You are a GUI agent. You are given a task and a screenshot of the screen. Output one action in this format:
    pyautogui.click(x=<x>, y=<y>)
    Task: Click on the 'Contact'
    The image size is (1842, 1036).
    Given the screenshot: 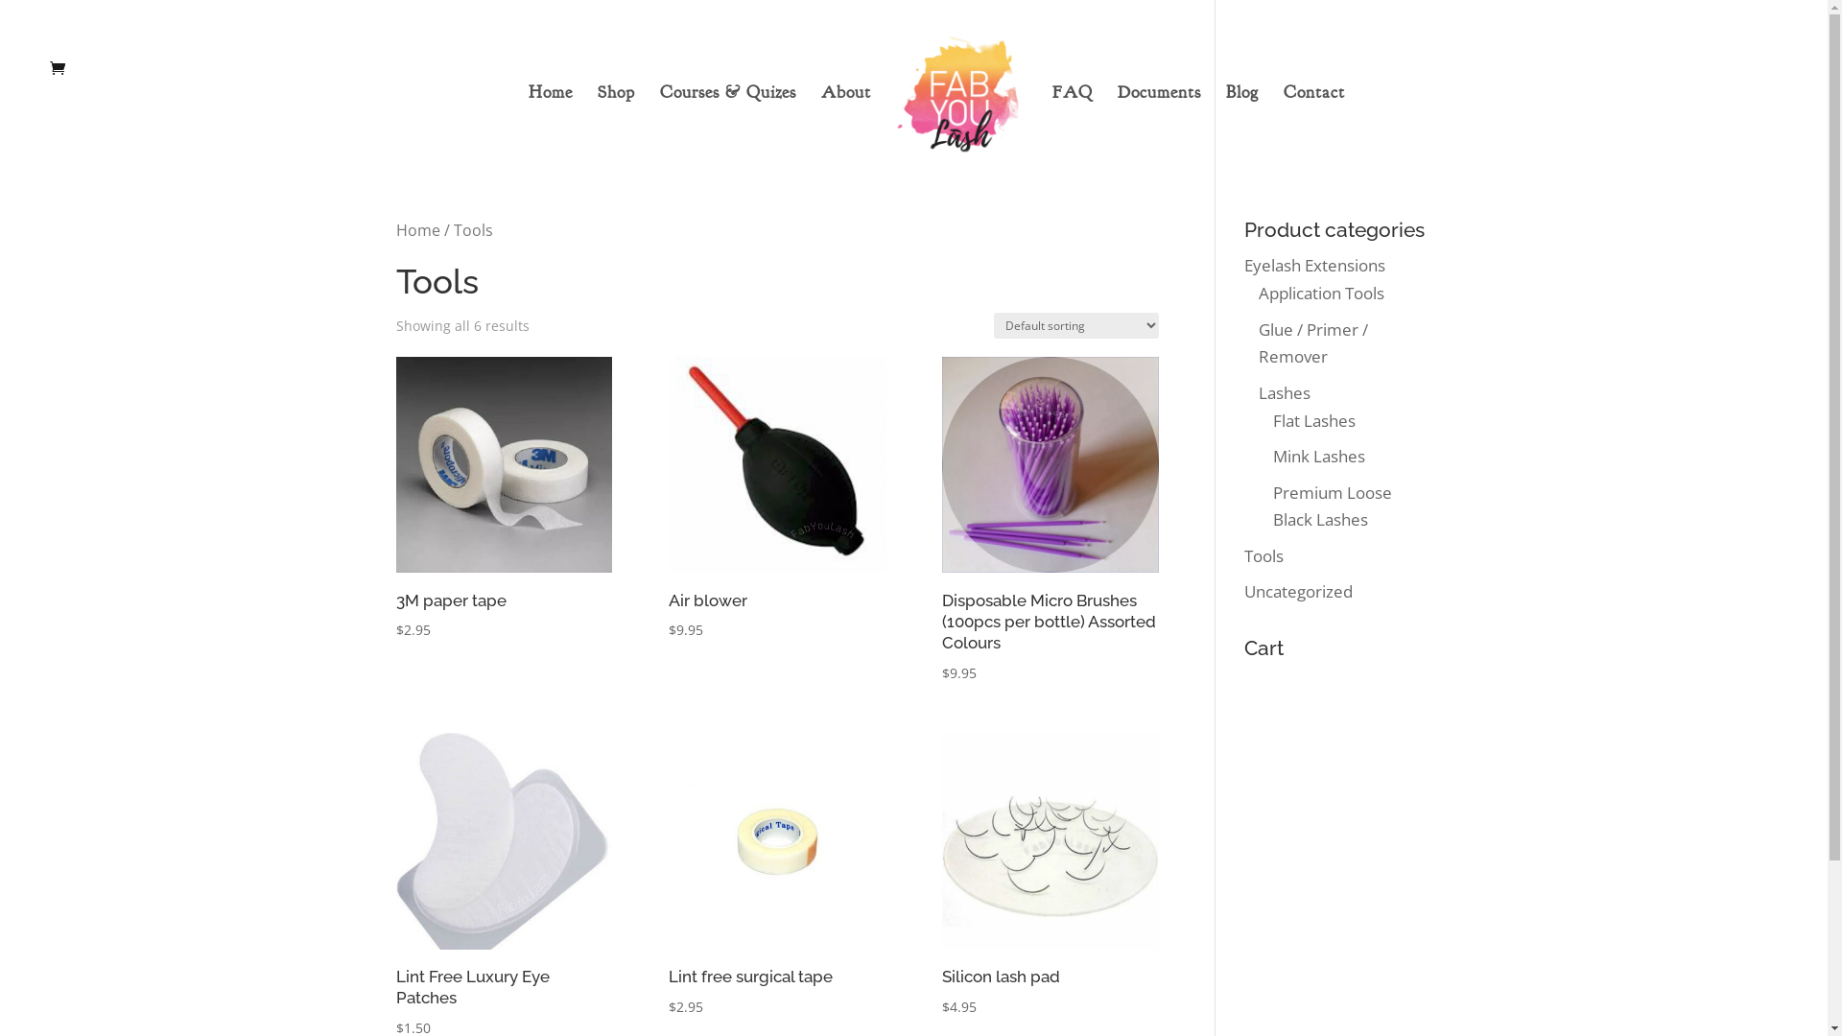 What is the action you would take?
    pyautogui.click(x=1312, y=124)
    